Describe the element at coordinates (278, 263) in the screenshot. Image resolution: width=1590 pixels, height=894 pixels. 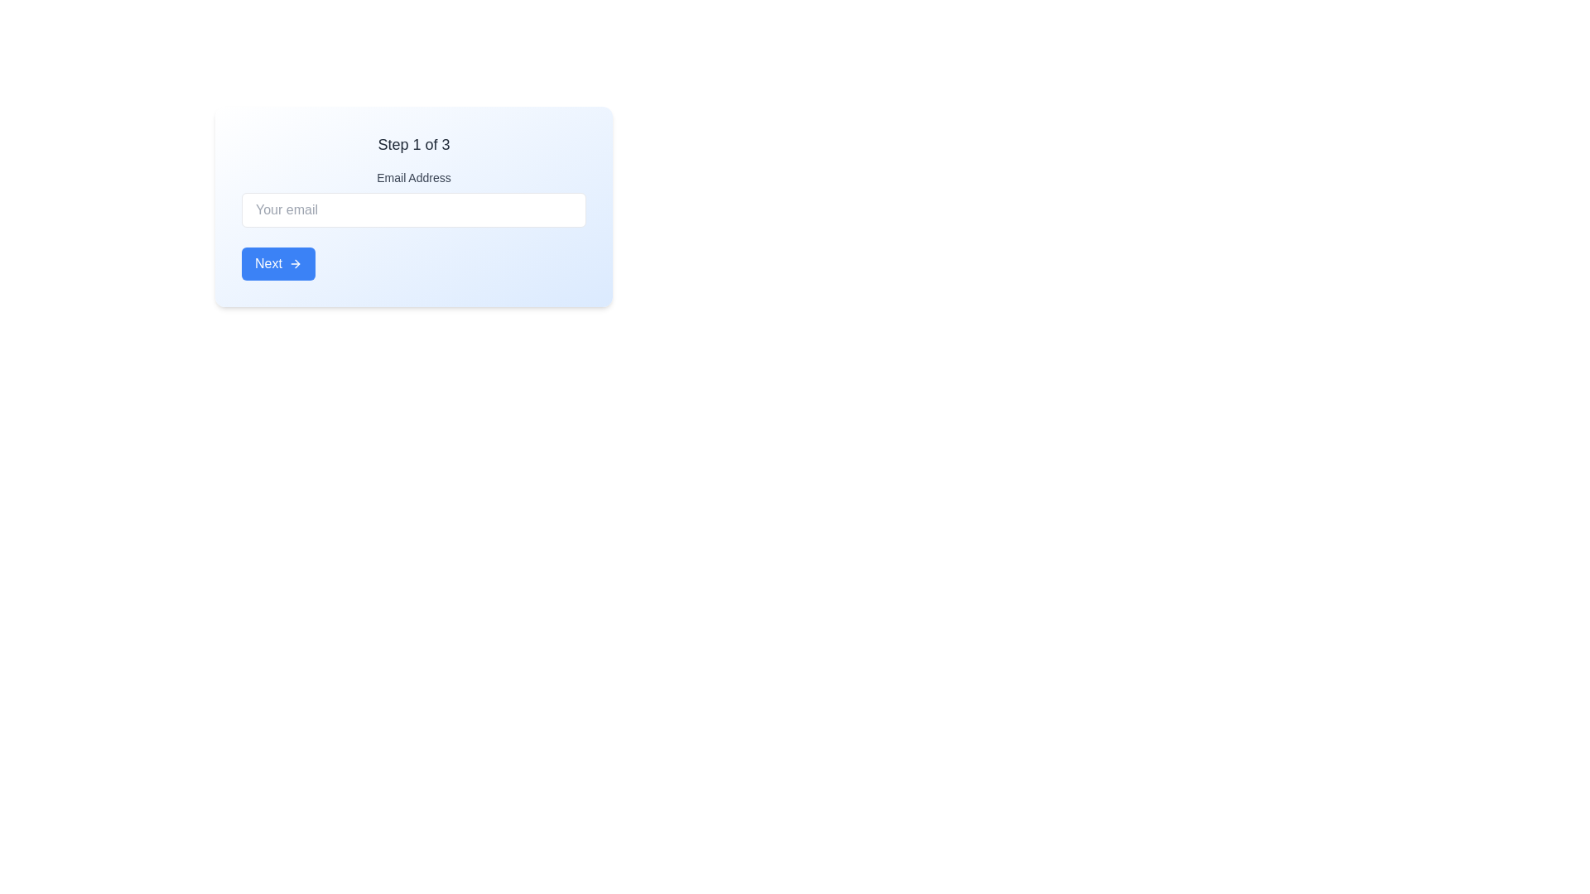
I see `the 'Next' button, which has a blue background, white text, and a rightward arrow icon, to proceed to the next step` at that location.